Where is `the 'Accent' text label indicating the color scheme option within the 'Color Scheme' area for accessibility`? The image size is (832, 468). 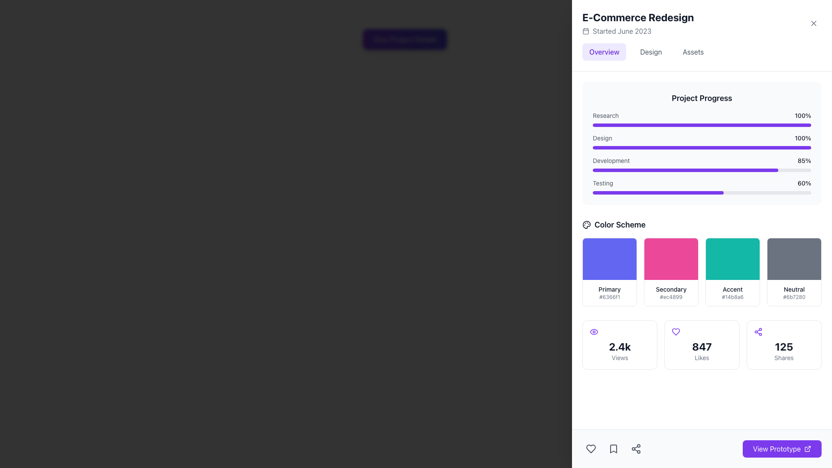
the 'Accent' text label indicating the color scheme option within the 'Color Scheme' area for accessibility is located at coordinates (732, 289).